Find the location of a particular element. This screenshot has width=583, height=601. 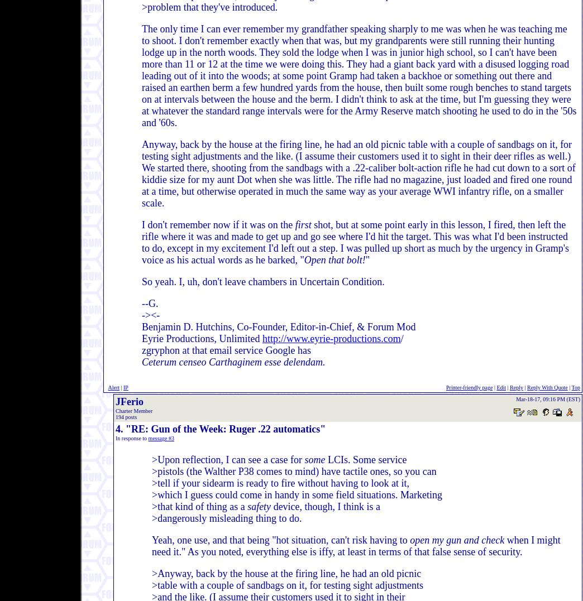

'http://www.eyrie-productions.com' is located at coordinates (331, 338).